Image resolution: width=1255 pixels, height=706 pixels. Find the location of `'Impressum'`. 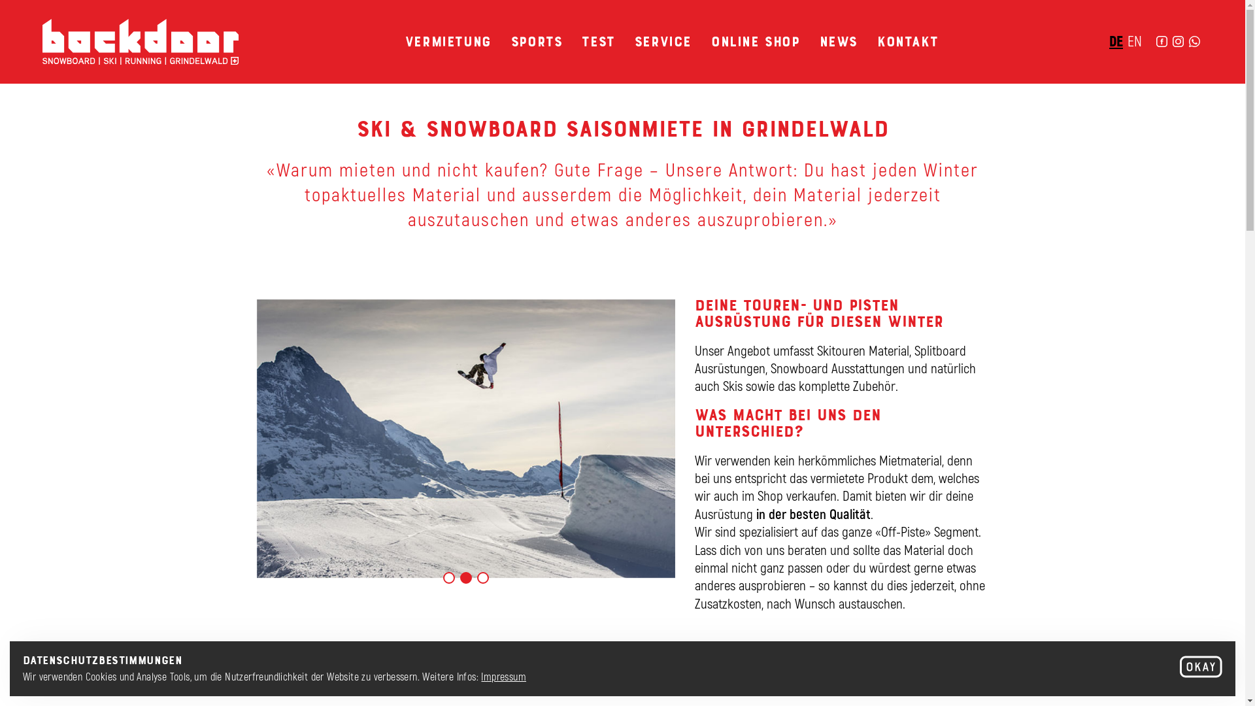

'Impressum' is located at coordinates (503, 676).